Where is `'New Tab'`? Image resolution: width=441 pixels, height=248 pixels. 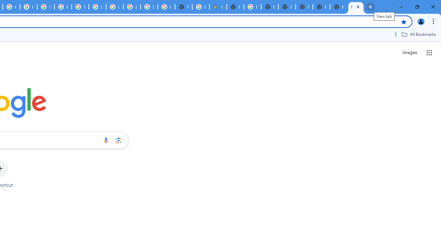
'New Tab' is located at coordinates (339, 7).